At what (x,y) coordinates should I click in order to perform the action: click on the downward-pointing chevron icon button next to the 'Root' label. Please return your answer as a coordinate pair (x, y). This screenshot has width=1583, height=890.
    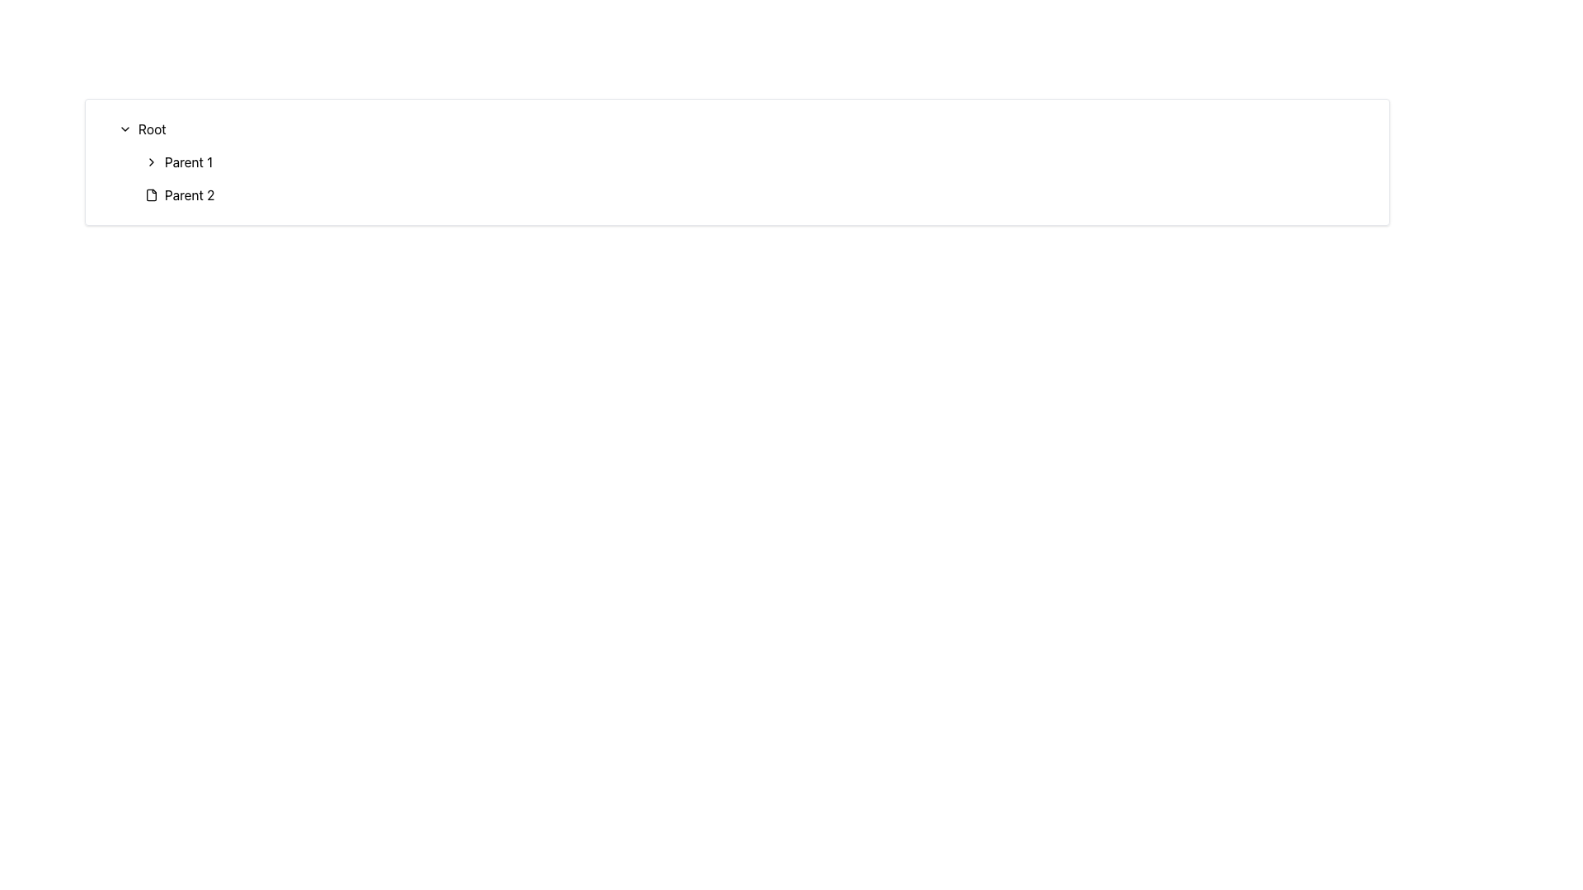
    Looking at the image, I should click on (124, 129).